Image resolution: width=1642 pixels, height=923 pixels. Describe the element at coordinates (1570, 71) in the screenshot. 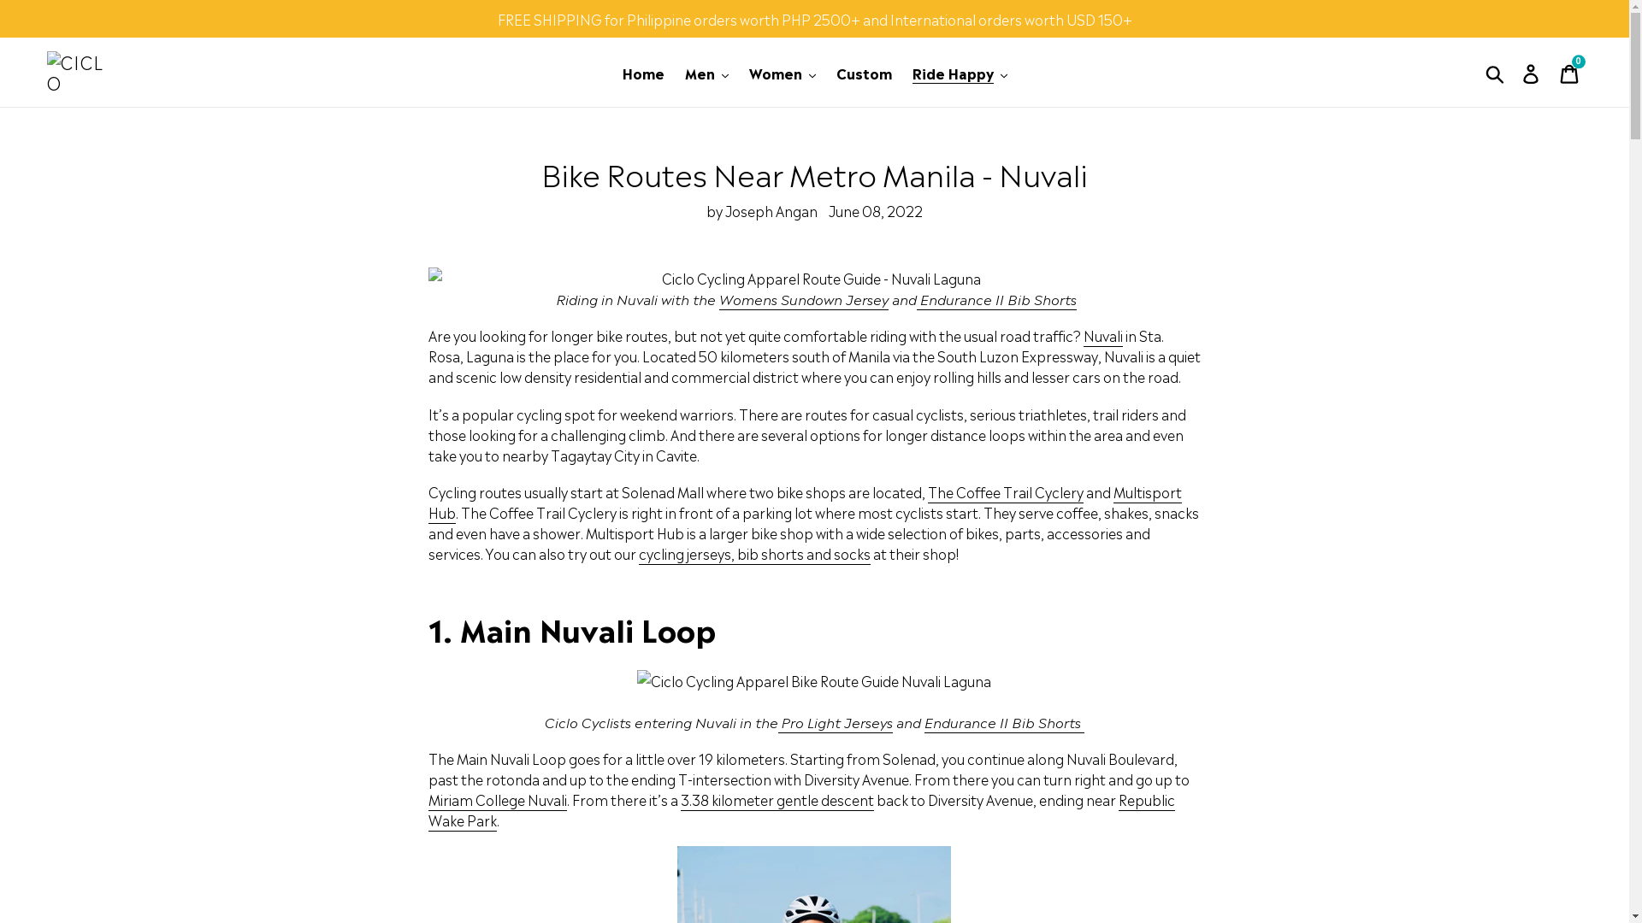

I see `'Cart` at that location.